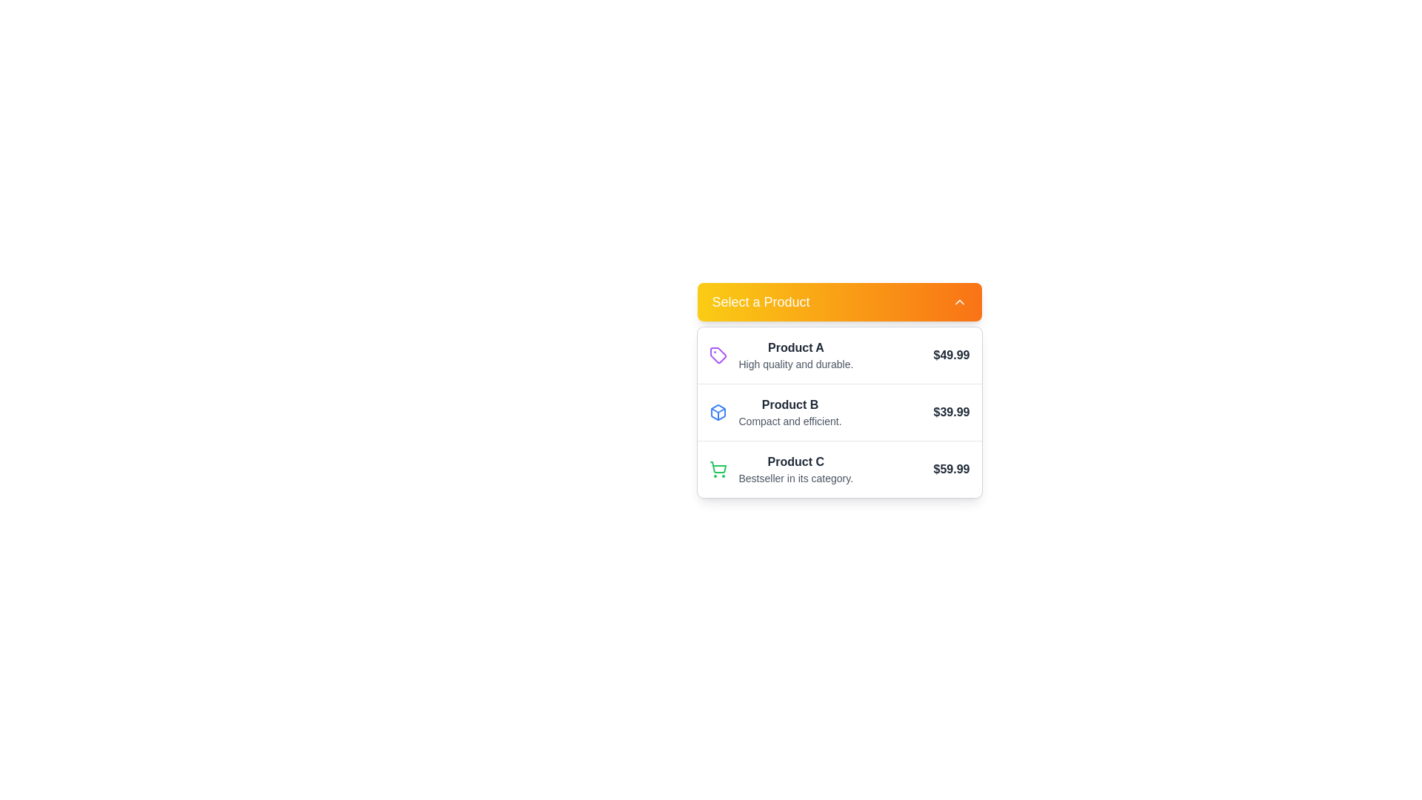 This screenshot has height=800, width=1422. What do you see at coordinates (795, 478) in the screenshot?
I see `the text label that reads 'Bestseller in its category.' which is styled in gray and located below the 'Product C' title` at bounding box center [795, 478].